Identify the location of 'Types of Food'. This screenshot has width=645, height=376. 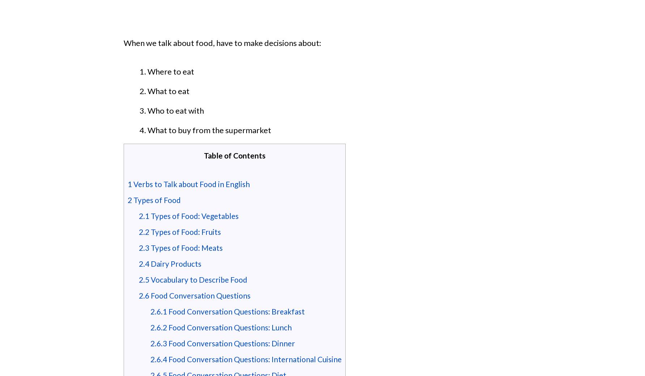
(156, 200).